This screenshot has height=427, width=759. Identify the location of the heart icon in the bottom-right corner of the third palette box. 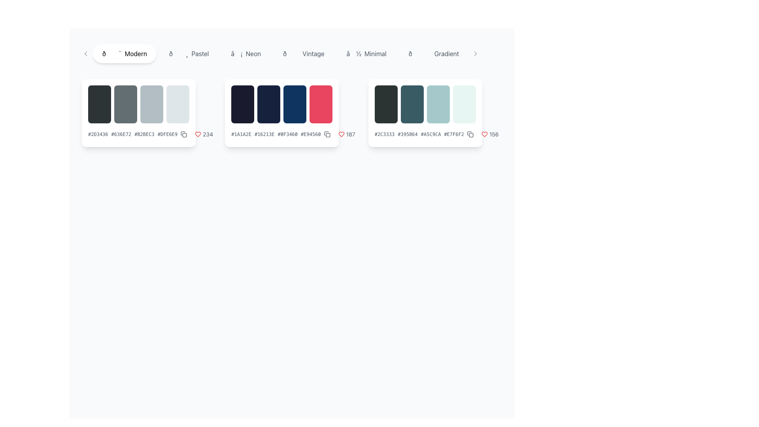
(484, 134).